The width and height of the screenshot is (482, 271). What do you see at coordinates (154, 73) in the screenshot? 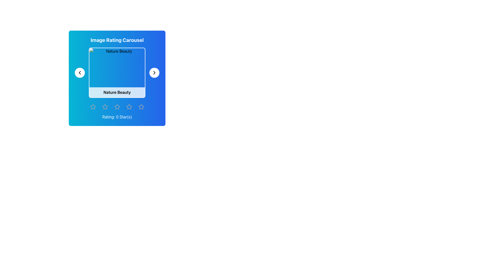
I see `the 'next' button located to the right of the 'Nature Beauty' image display box` at bounding box center [154, 73].